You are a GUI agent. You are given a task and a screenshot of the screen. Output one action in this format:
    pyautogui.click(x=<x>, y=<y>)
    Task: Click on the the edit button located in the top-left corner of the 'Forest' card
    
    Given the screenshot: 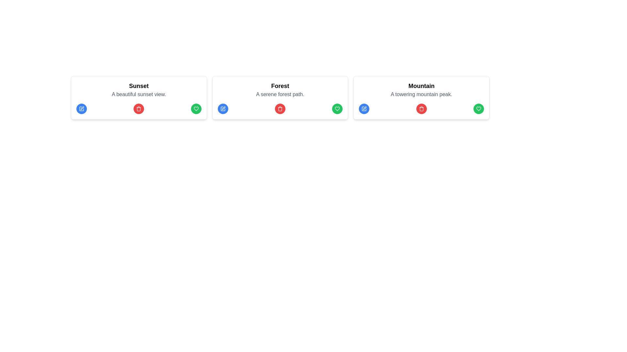 What is the action you would take?
    pyautogui.click(x=223, y=109)
    